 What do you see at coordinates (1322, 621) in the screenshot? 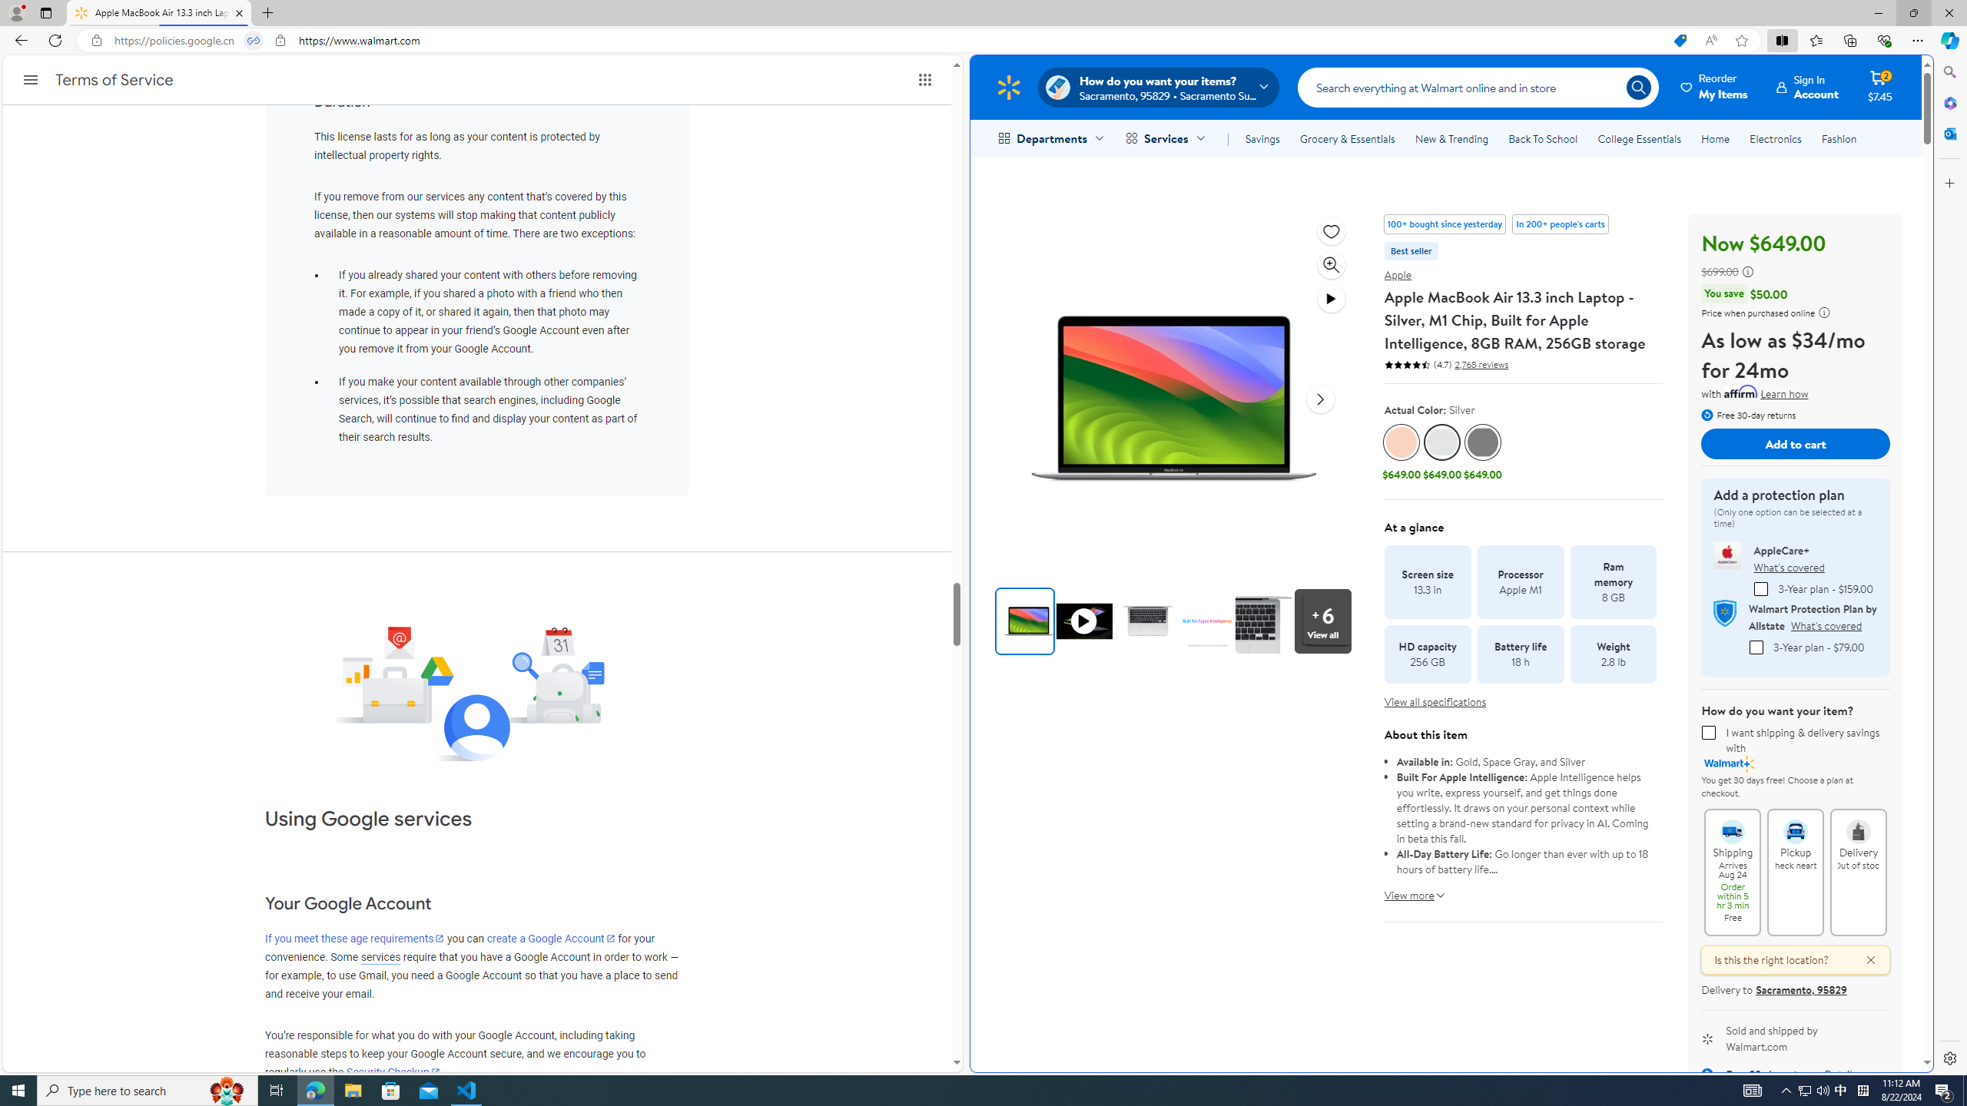
I see `'View all media'` at bounding box center [1322, 621].